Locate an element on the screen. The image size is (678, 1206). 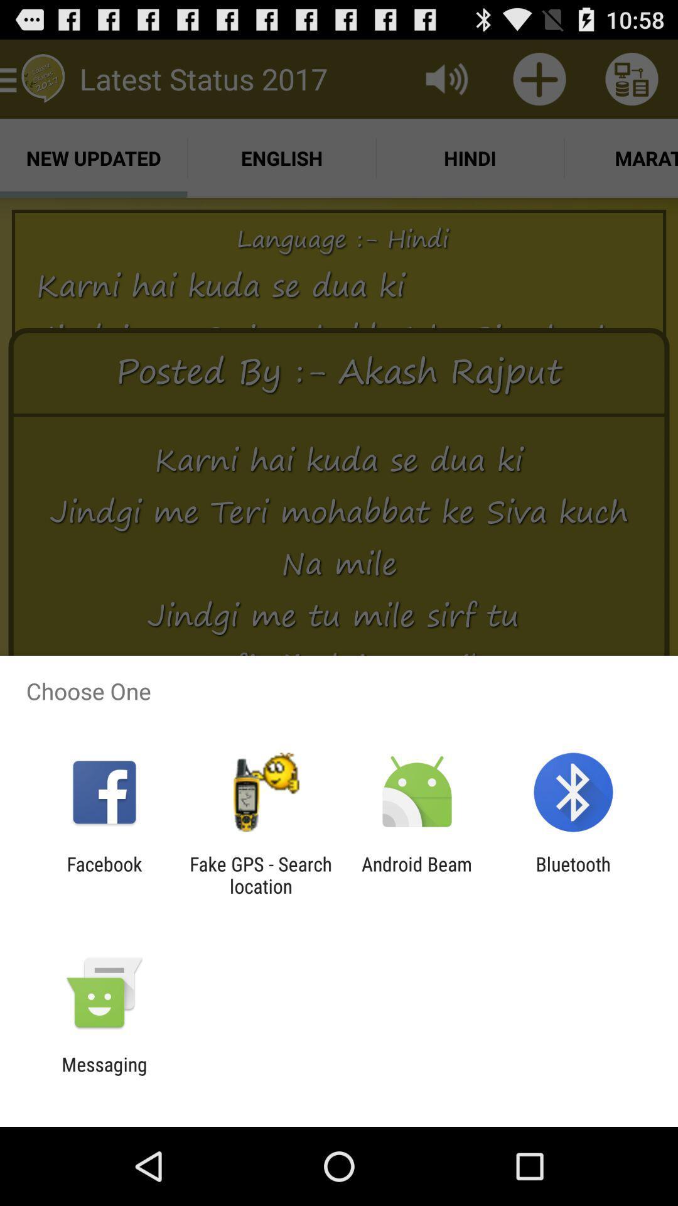
android beam icon is located at coordinates (417, 874).